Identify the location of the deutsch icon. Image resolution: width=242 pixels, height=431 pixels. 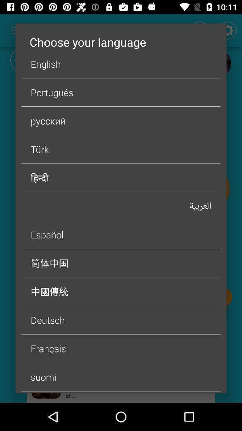
(121, 320).